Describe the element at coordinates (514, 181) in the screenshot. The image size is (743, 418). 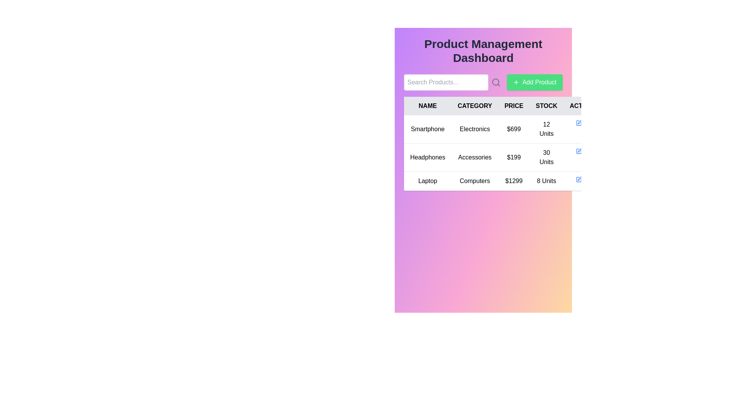
I see `the static text label displaying the price '$1299' in the 'Price' column under the 'Laptop' row` at that location.